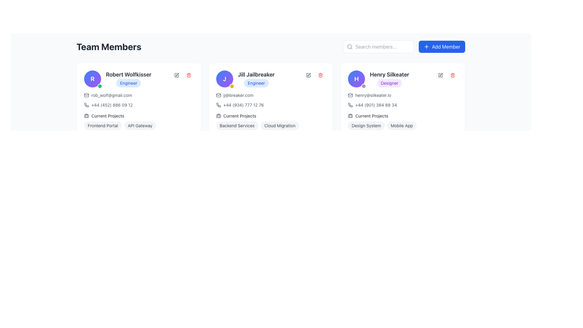  I want to click on the small circular badge with a vibrant green background located at the bottom-right corner of the avatar for 'Robert Wolfkisser', so click(100, 86).